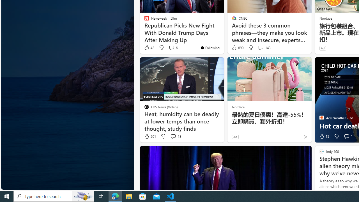 Image resolution: width=359 pixels, height=202 pixels. What do you see at coordinates (173, 136) in the screenshot?
I see `'View comments 18 Comment'` at bounding box center [173, 136].